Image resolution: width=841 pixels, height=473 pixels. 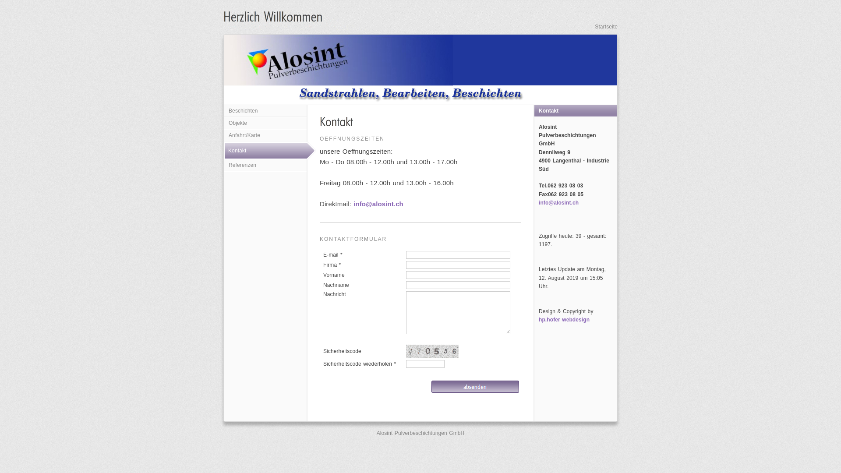 I want to click on 'hp.hofer webdesign', so click(x=564, y=319).